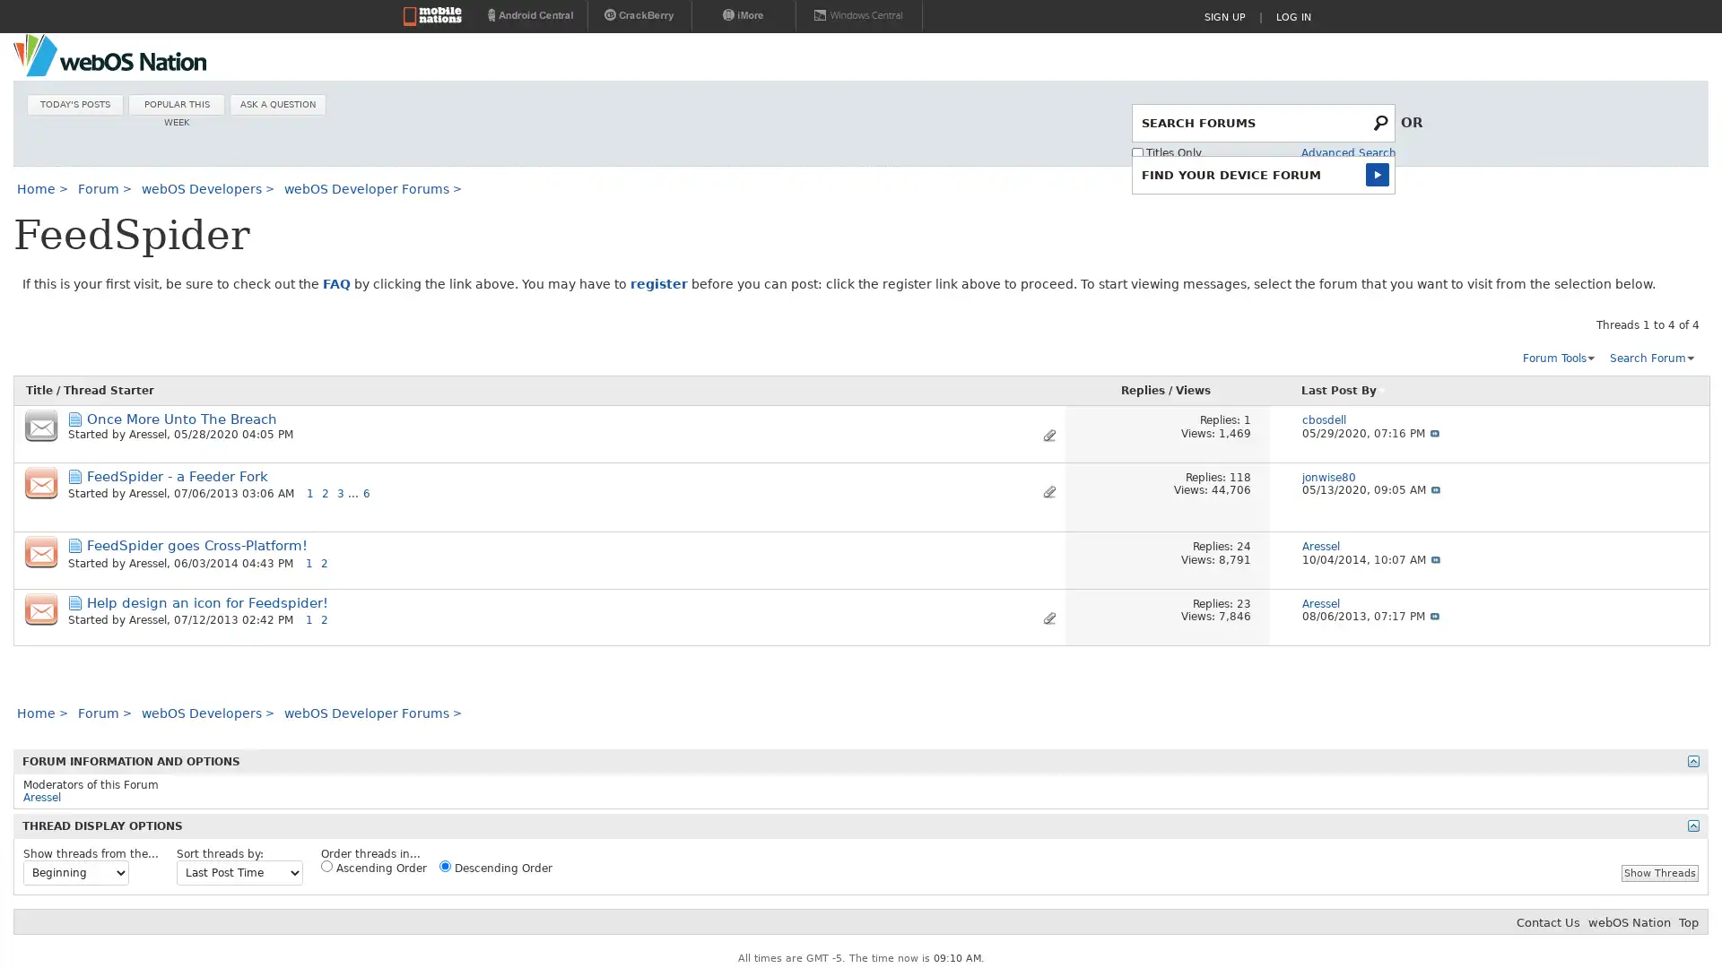 This screenshot has width=1722, height=968. I want to click on Show Threads, so click(1659, 871).